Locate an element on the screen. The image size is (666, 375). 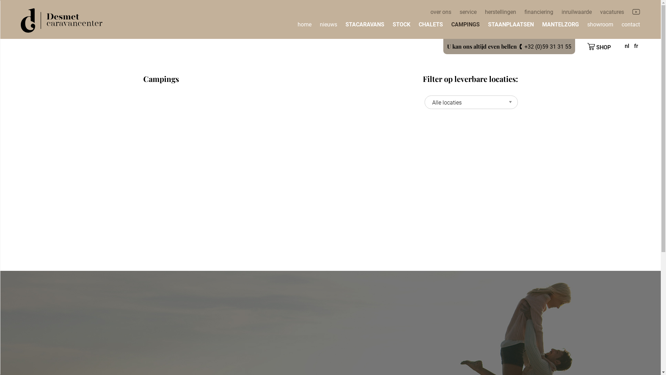
'STACARAVANS' is located at coordinates (364, 24).